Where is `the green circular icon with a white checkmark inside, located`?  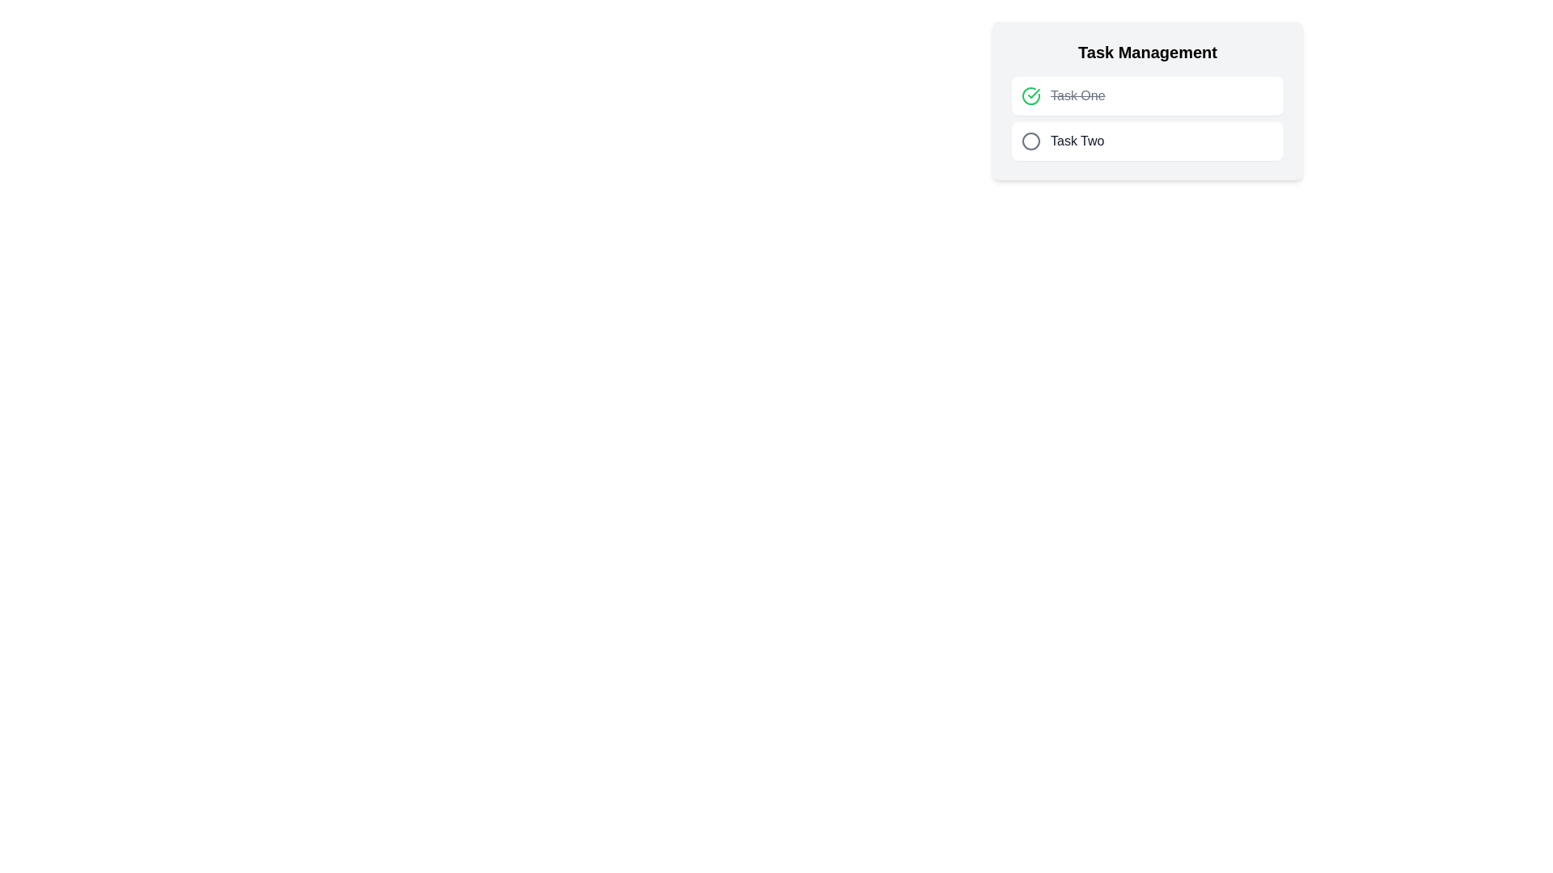
the green circular icon with a white checkmark inside, located is located at coordinates (1030, 96).